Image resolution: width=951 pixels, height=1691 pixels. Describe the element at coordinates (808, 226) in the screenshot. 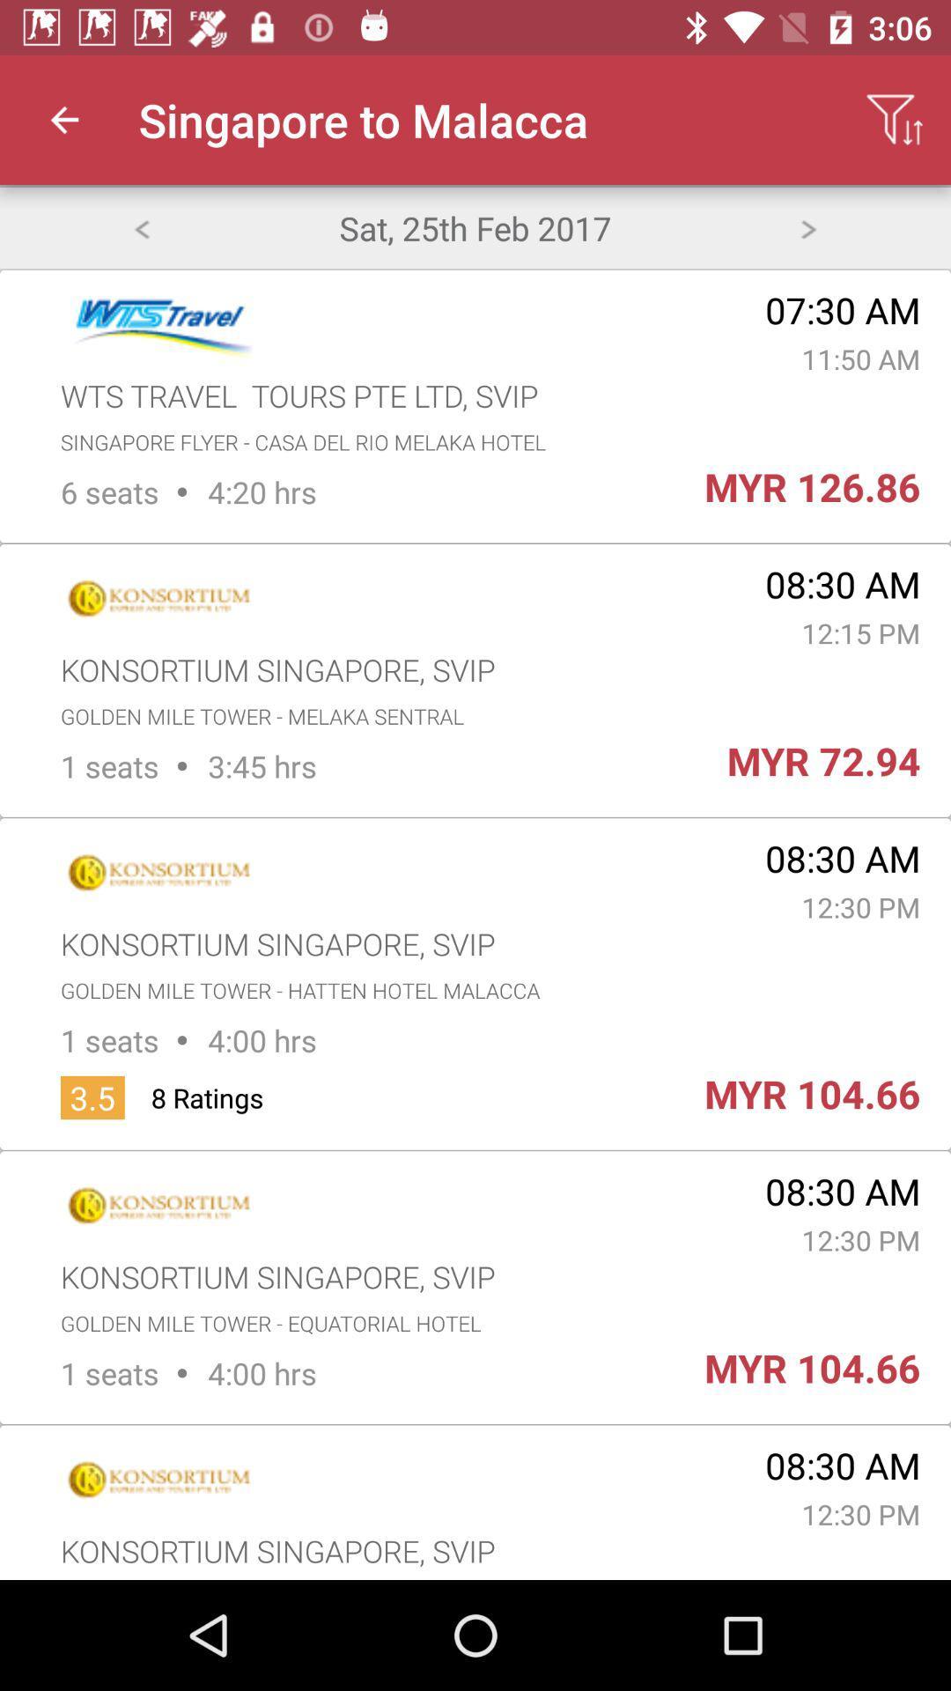

I see `the arrow_forward icon` at that location.